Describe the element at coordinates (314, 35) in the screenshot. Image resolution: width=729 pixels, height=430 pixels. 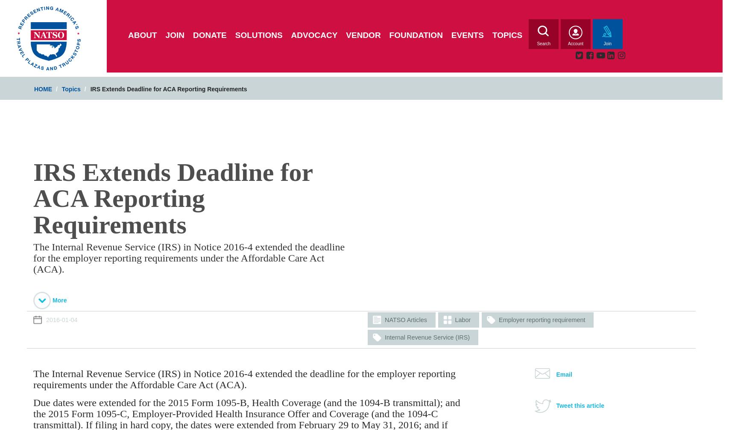
I see `'Advocacy'` at that location.